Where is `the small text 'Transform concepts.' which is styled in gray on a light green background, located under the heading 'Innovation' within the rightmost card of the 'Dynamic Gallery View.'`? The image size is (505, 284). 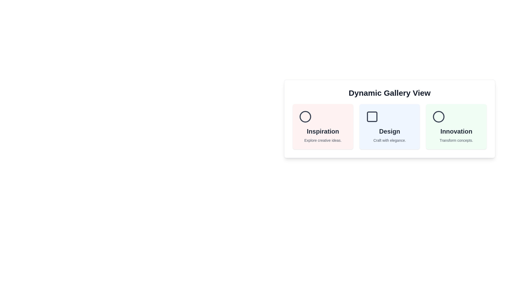 the small text 'Transform concepts.' which is styled in gray on a light green background, located under the heading 'Innovation' within the rightmost card of the 'Dynamic Gallery View.' is located at coordinates (456, 140).